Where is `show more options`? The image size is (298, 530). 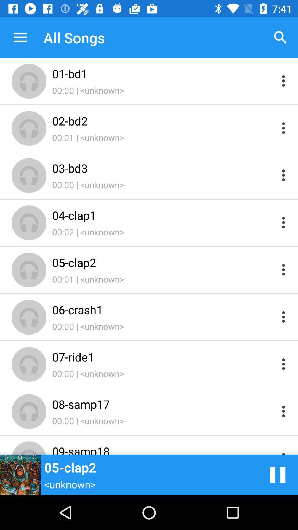 show more options is located at coordinates (283, 175).